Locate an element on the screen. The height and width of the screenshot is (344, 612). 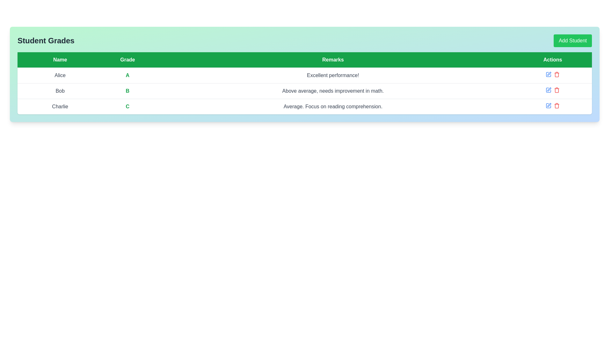
the edit icon button located in the 'Actions' column of the second row associated with Bob to initiate an edit action is located at coordinates (548, 90).